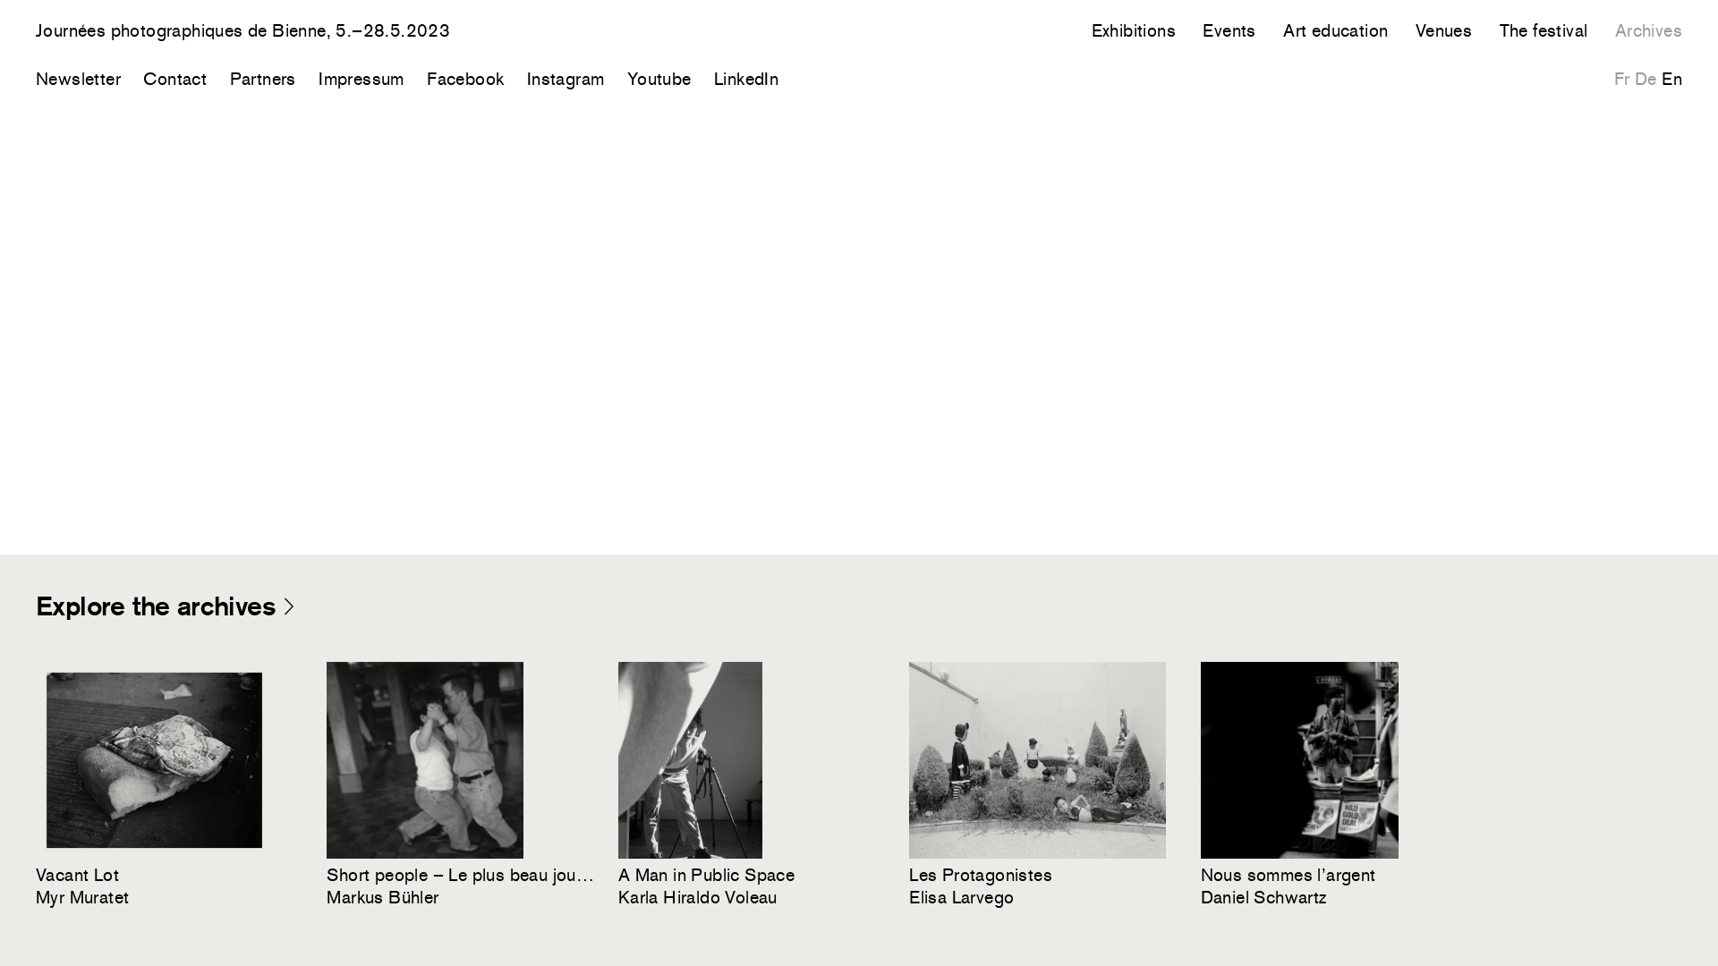 This screenshot has height=966, width=1718. Describe the element at coordinates (1614, 78) in the screenshot. I see `'Fr'` at that location.